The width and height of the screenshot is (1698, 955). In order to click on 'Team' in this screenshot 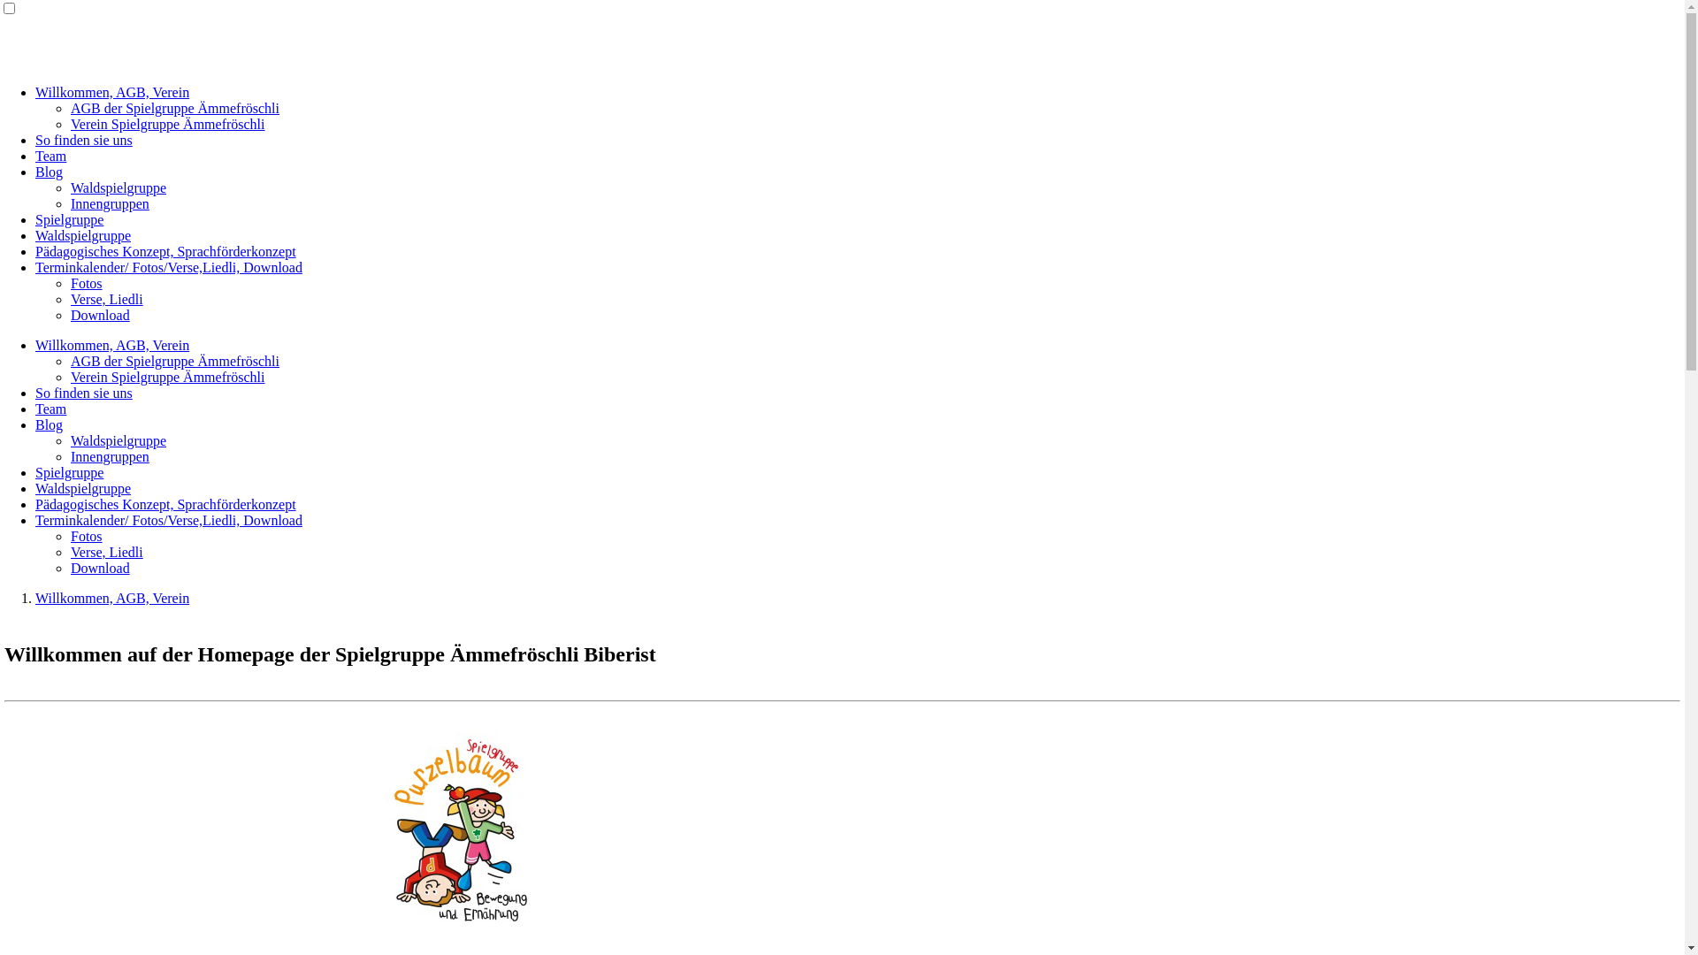, I will do `click(50, 155)`.